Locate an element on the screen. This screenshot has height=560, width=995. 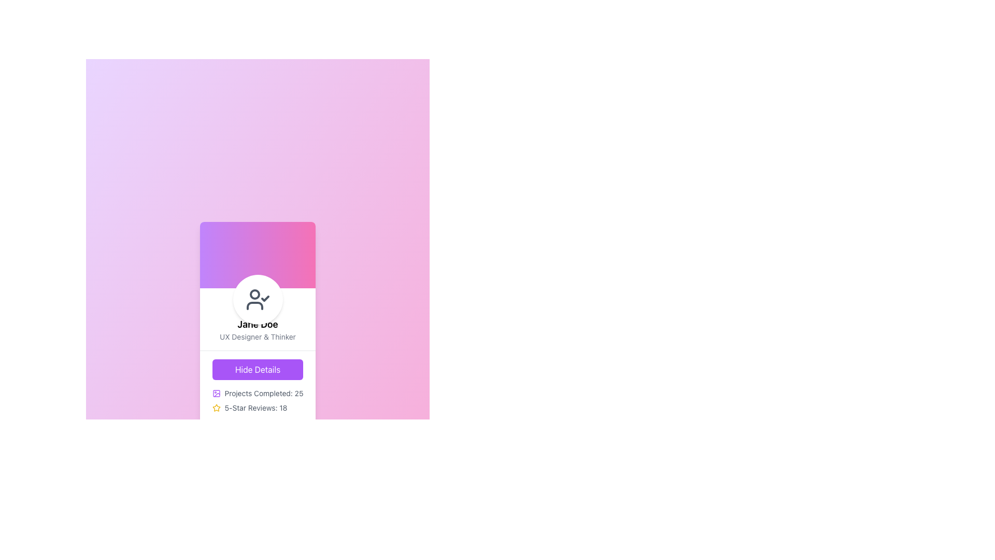
the informational label displaying the number of projects completed, which is located above the '5-Star Reviews: 18' element and below the 'Hide Details' button is located at coordinates (258, 393).